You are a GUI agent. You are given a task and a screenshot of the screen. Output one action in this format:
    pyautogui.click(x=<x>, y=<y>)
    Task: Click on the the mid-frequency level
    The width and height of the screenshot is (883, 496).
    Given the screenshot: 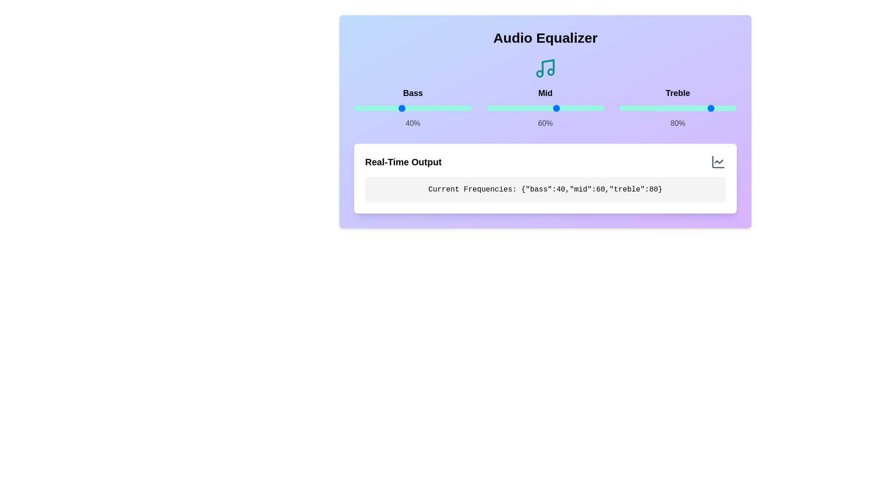 What is the action you would take?
    pyautogui.click(x=599, y=107)
    